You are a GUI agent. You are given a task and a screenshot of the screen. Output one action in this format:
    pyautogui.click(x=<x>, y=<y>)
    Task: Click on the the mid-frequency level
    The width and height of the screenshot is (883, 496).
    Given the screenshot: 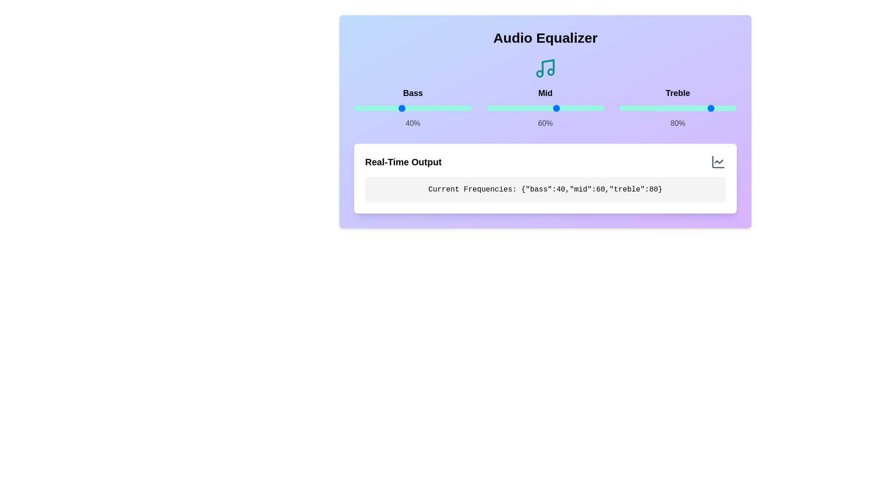 What is the action you would take?
    pyautogui.click(x=599, y=107)
    